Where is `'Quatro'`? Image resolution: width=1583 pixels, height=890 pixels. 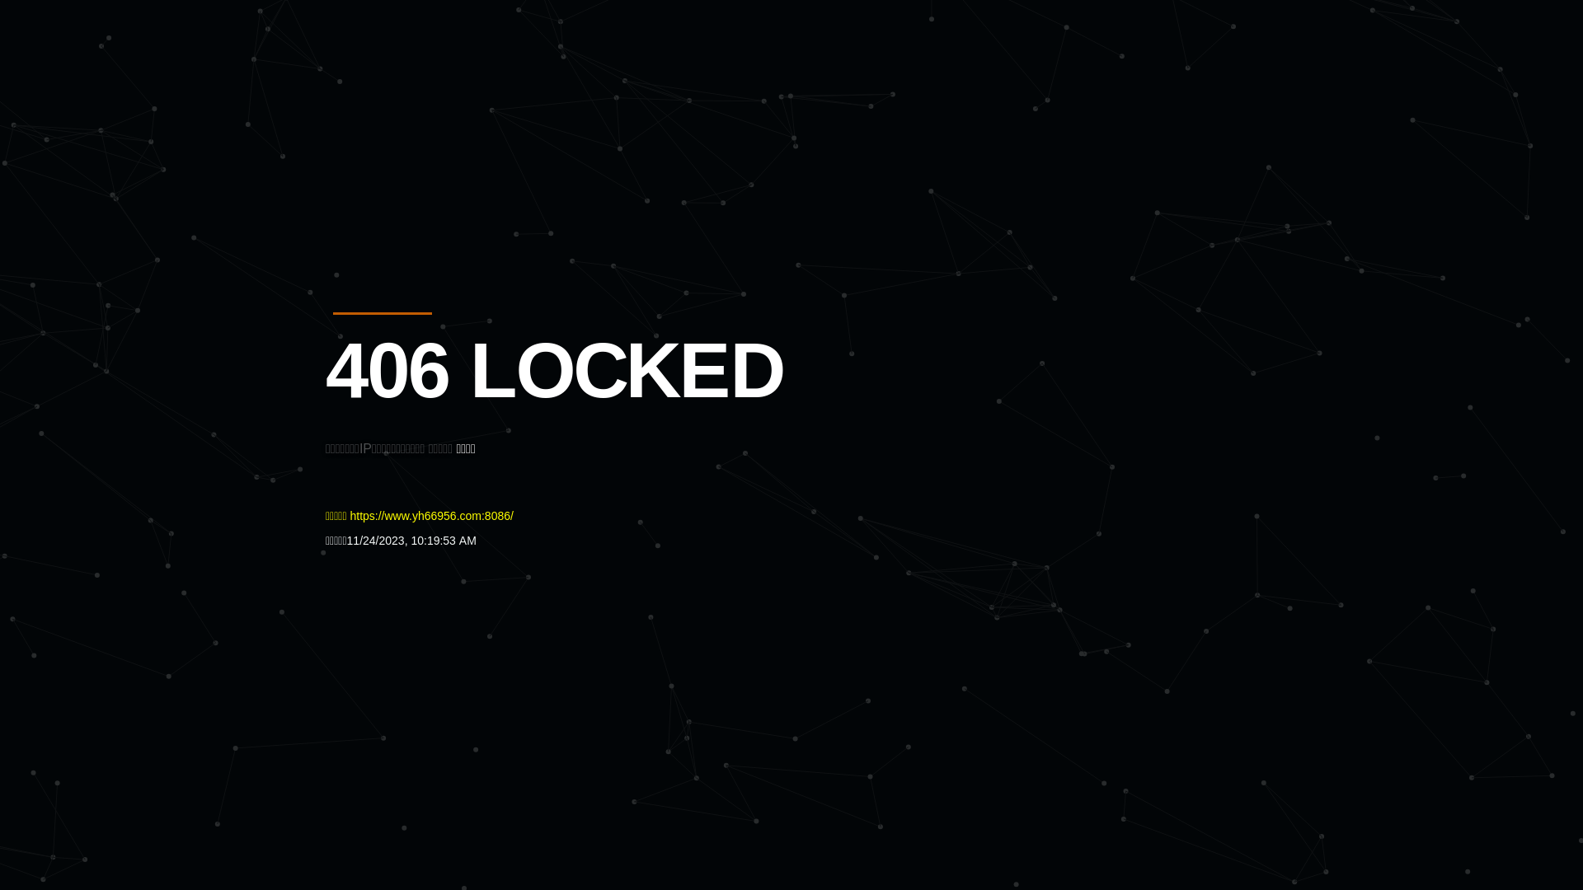
'Quatro' is located at coordinates (447, 94).